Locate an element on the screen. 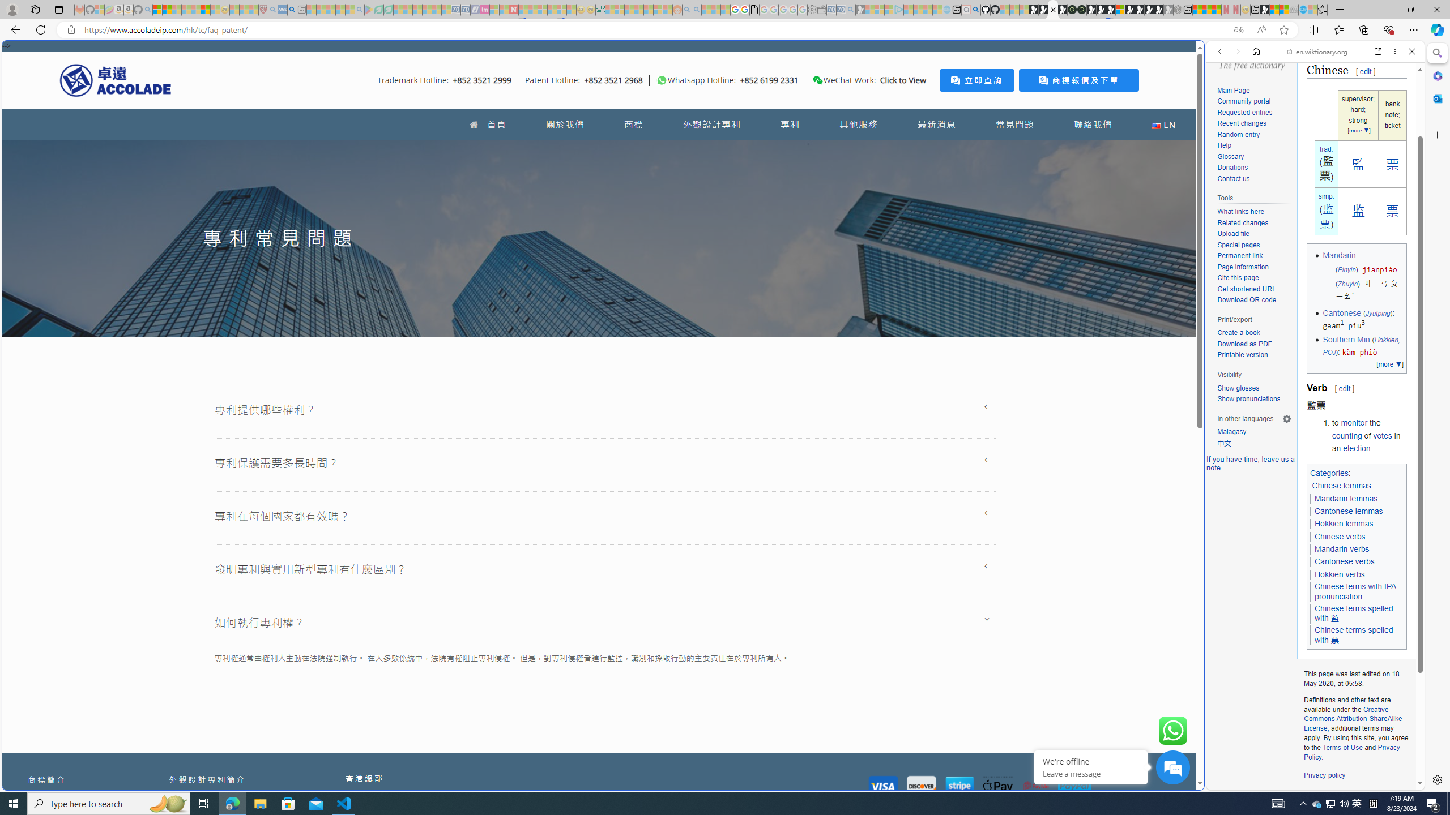  'Chinese verbs' is located at coordinates (1340, 535).